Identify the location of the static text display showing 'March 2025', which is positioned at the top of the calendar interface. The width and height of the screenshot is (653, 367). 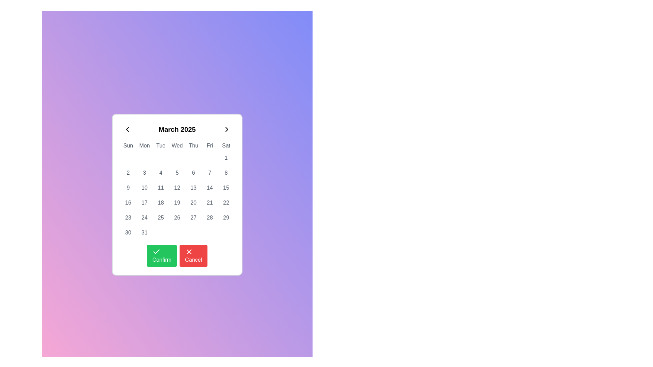
(177, 129).